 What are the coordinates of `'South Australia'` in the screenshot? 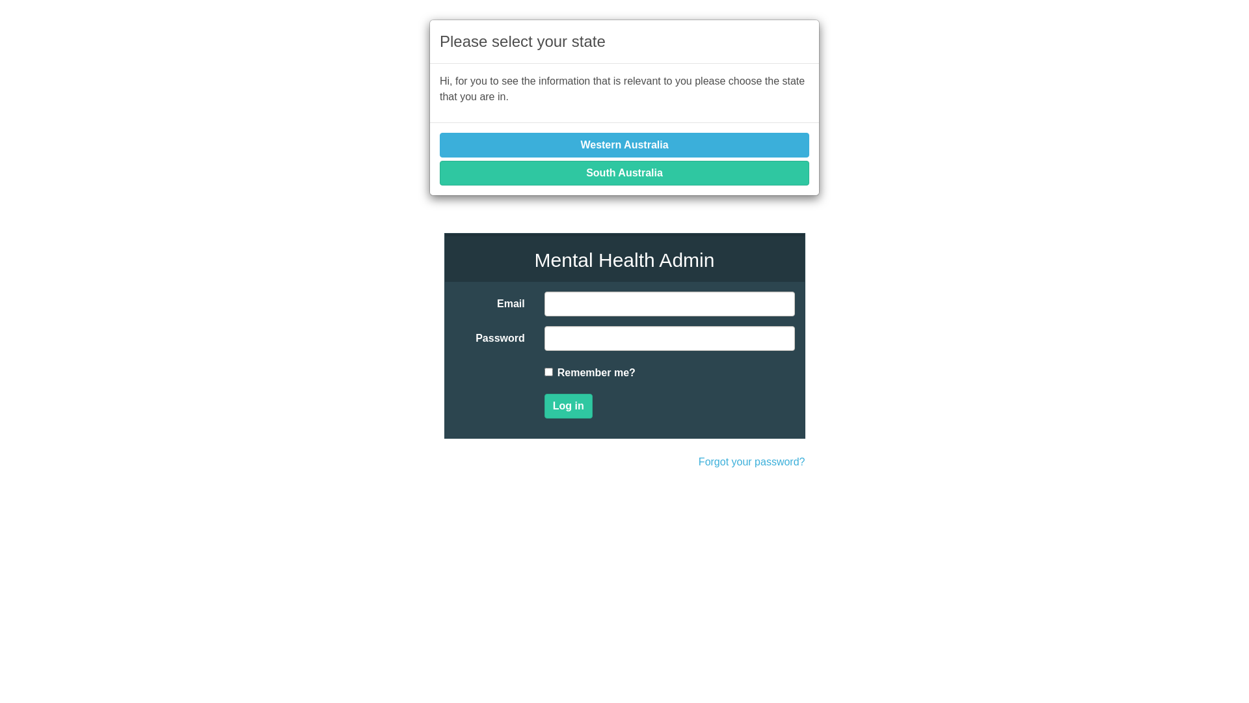 It's located at (624, 172).